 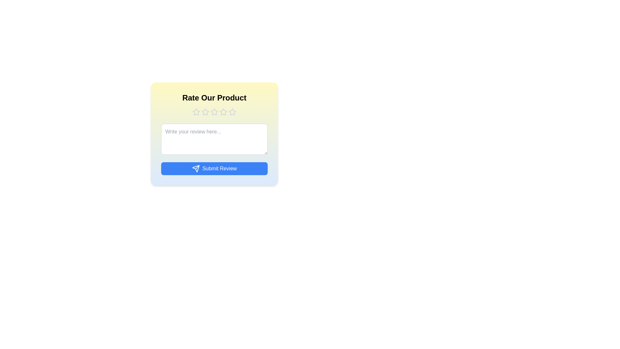 I want to click on the submit button to submit the review, so click(x=214, y=168).